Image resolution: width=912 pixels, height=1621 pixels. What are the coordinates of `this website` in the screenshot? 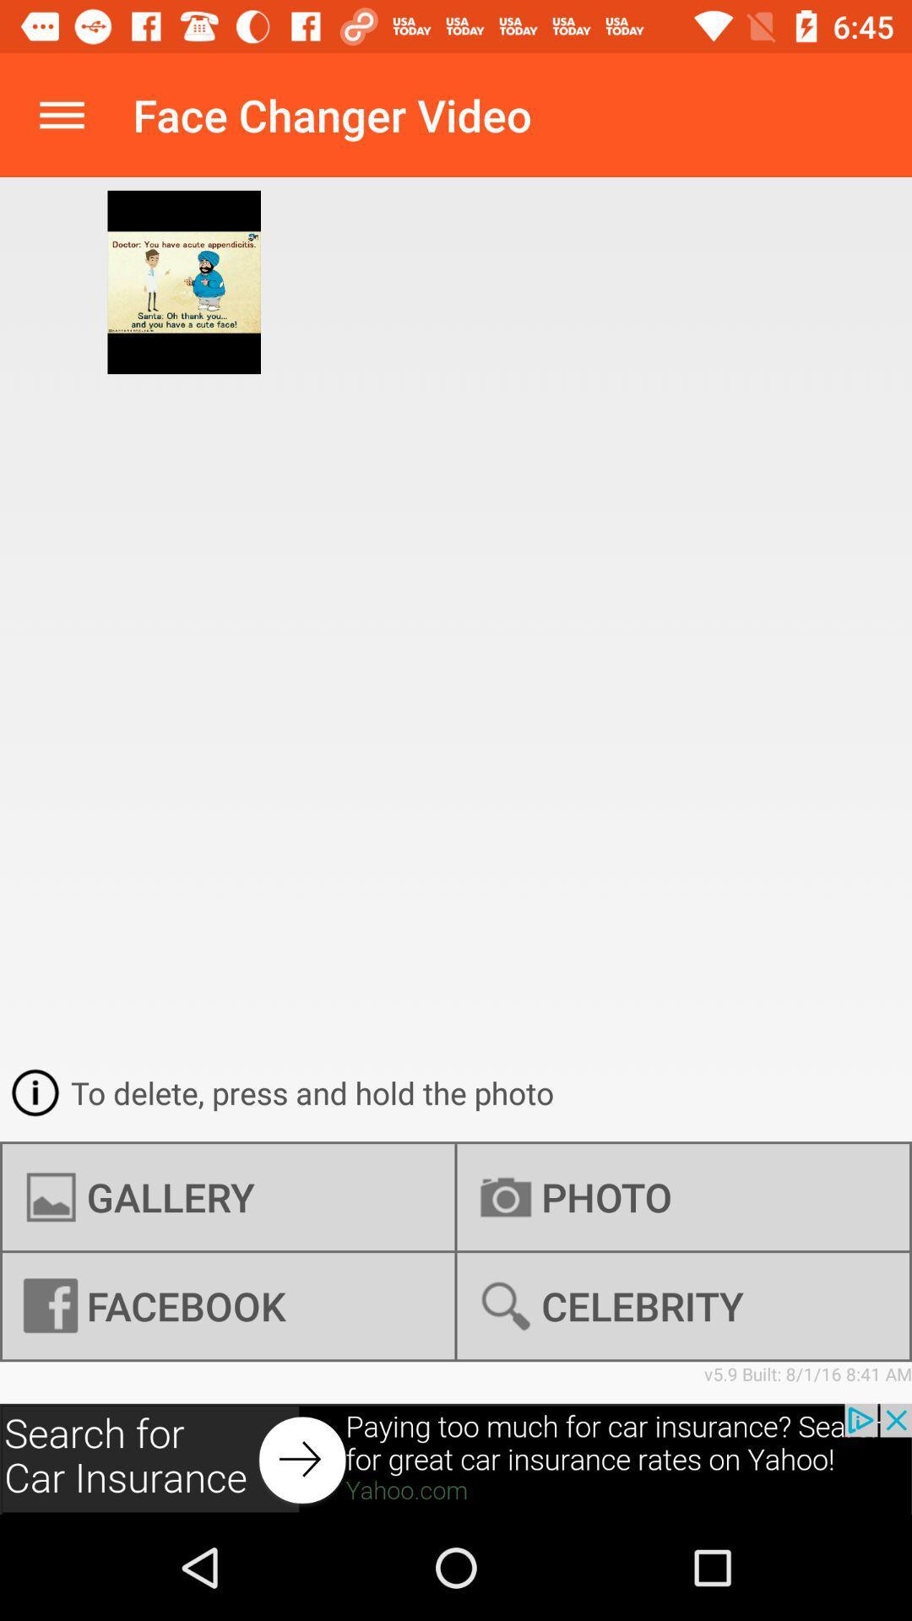 It's located at (456, 1458).